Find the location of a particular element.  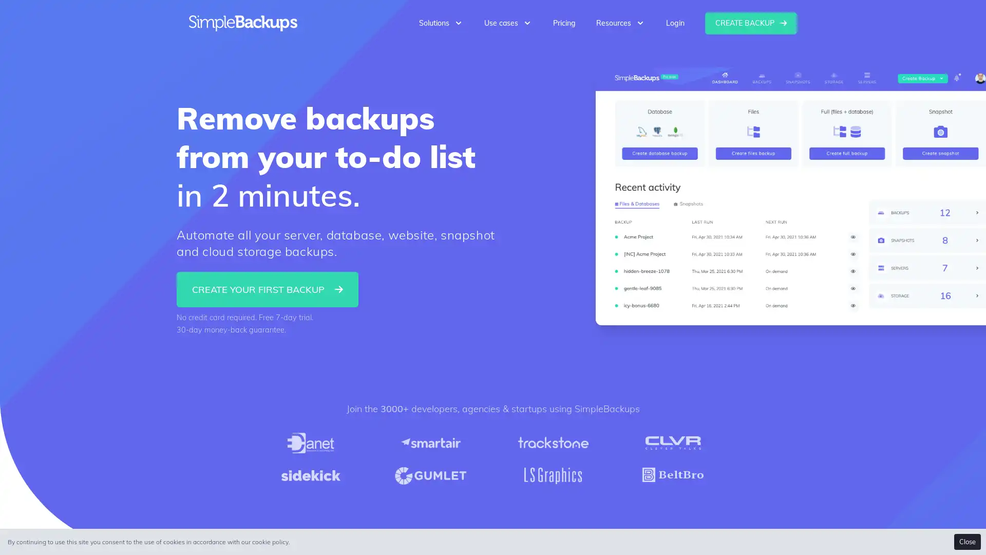

Resources is located at coordinates (620, 23).